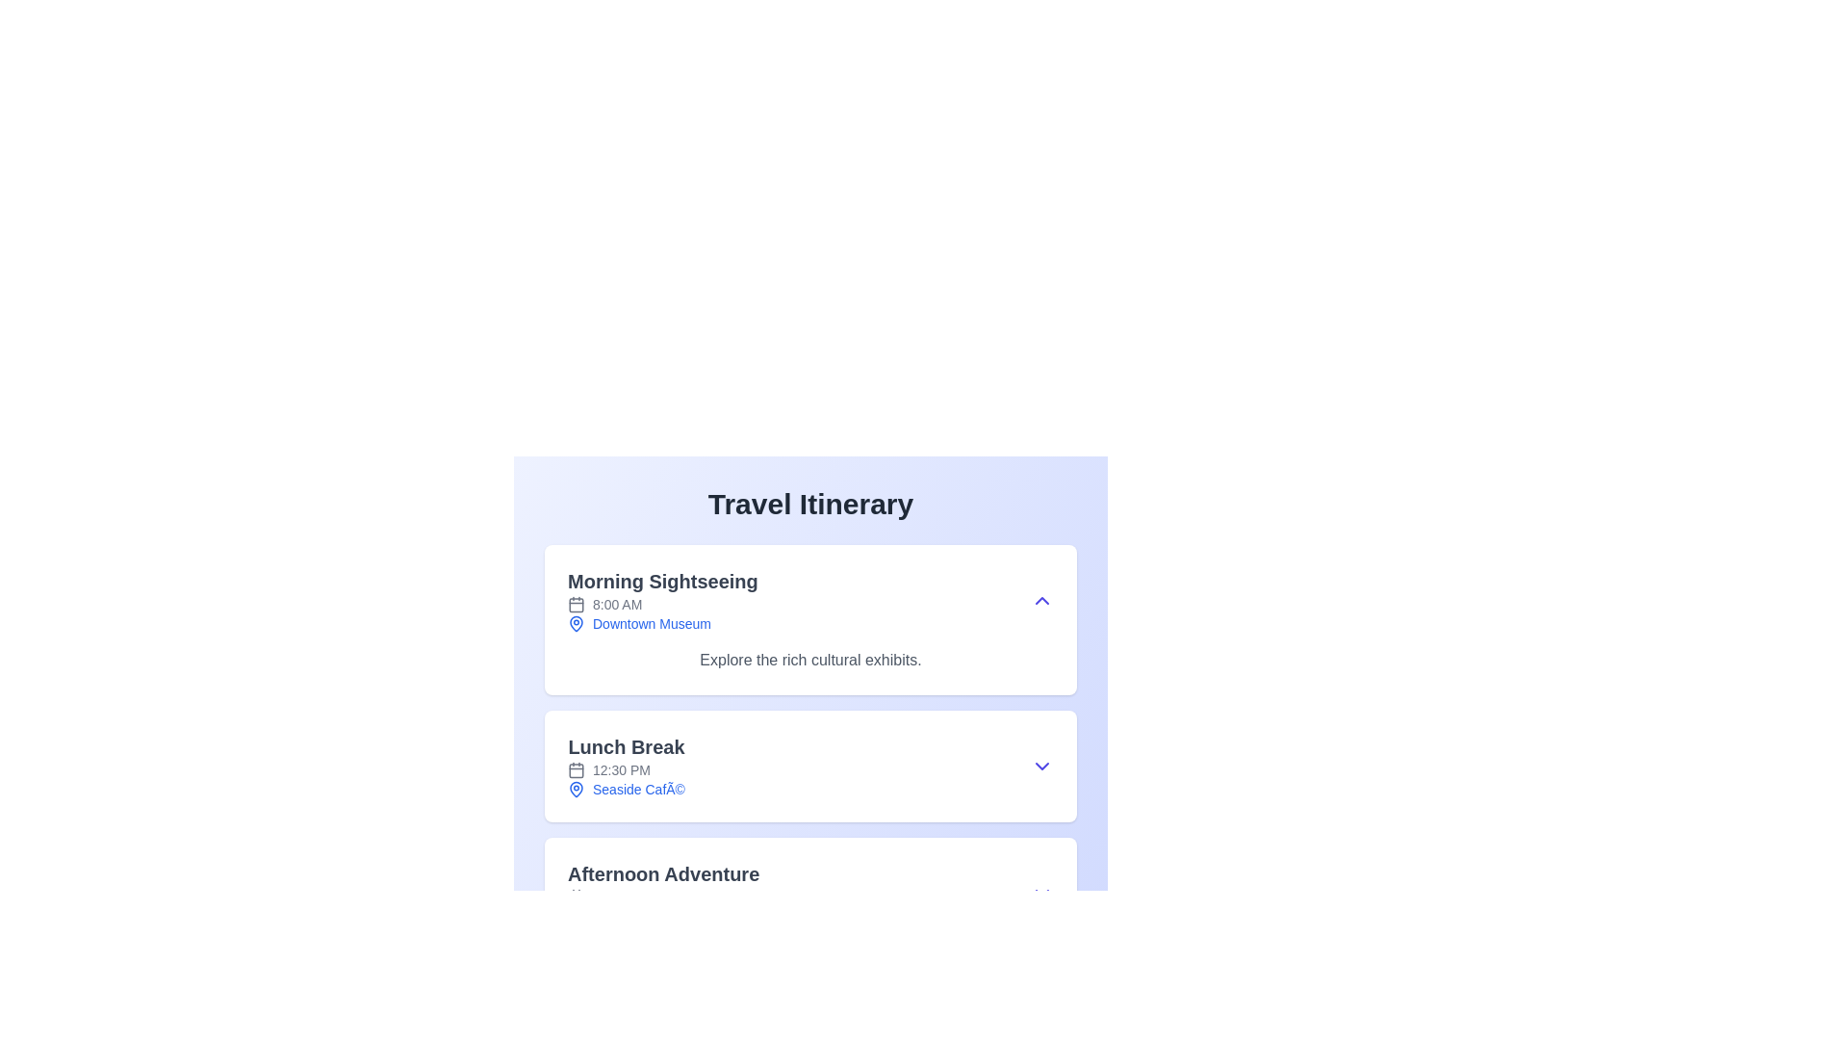 The height and width of the screenshot is (1040, 1848). Describe the element at coordinates (626, 790) in the screenshot. I see `text 'Seaside Café' which is styled in blue and located in the 'Lunch Break' segment of the 'Travel Itinerary' section, accompanied by a blue map pin icon` at that location.